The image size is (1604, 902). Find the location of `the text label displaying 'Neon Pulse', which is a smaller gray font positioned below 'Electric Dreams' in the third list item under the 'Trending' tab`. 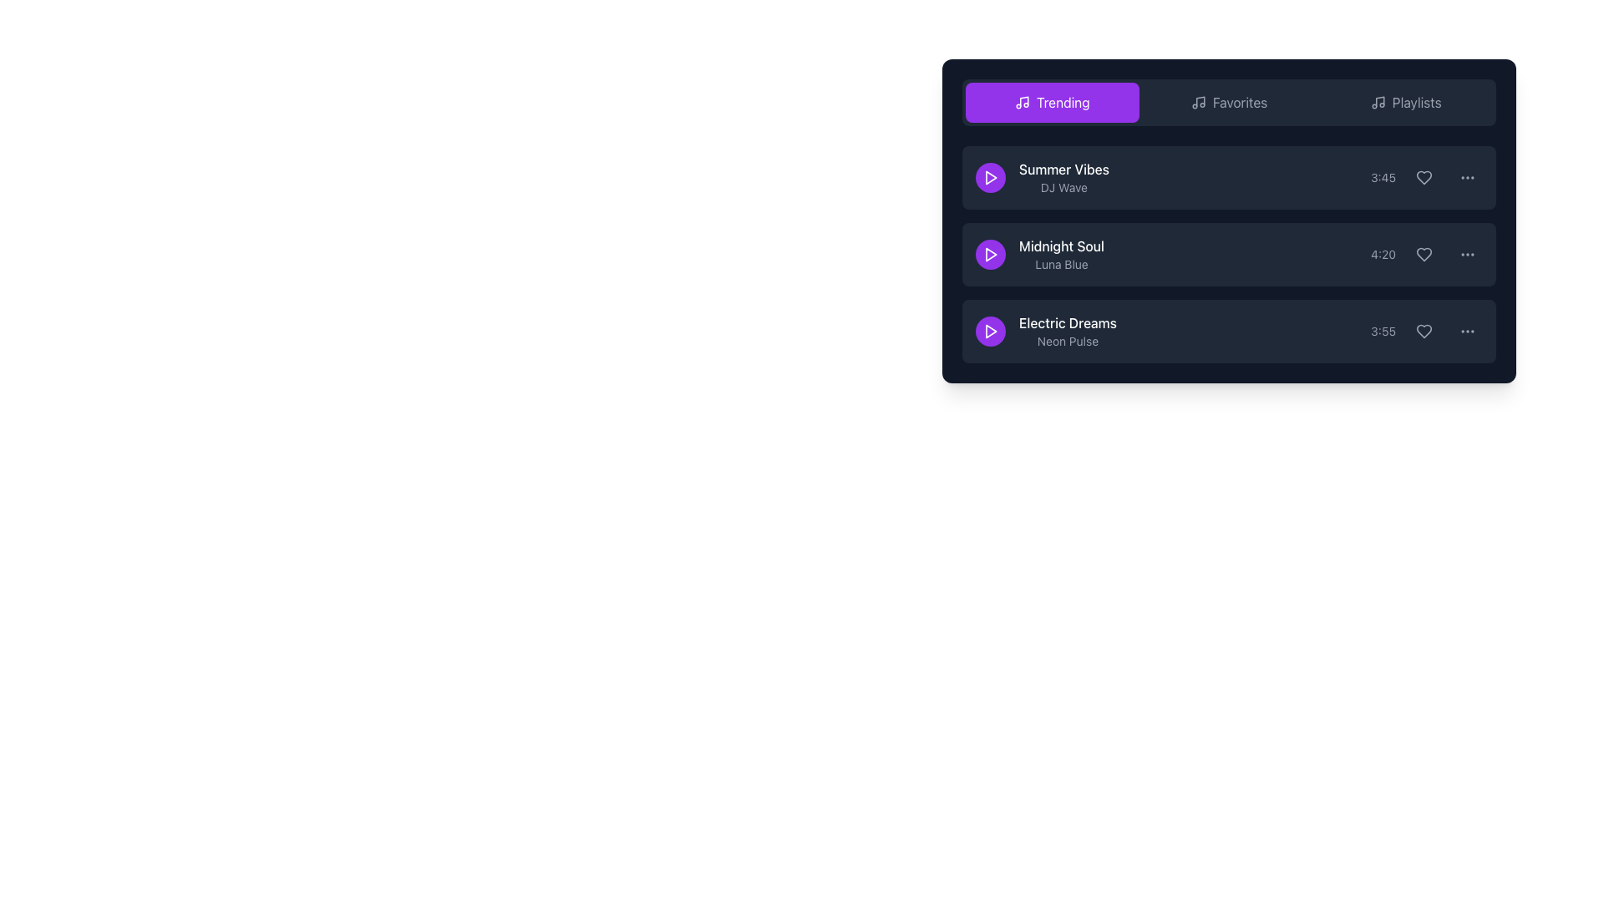

the text label displaying 'Neon Pulse', which is a smaller gray font positioned below 'Electric Dreams' in the third list item under the 'Trending' tab is located at coordinates (1067, 340).